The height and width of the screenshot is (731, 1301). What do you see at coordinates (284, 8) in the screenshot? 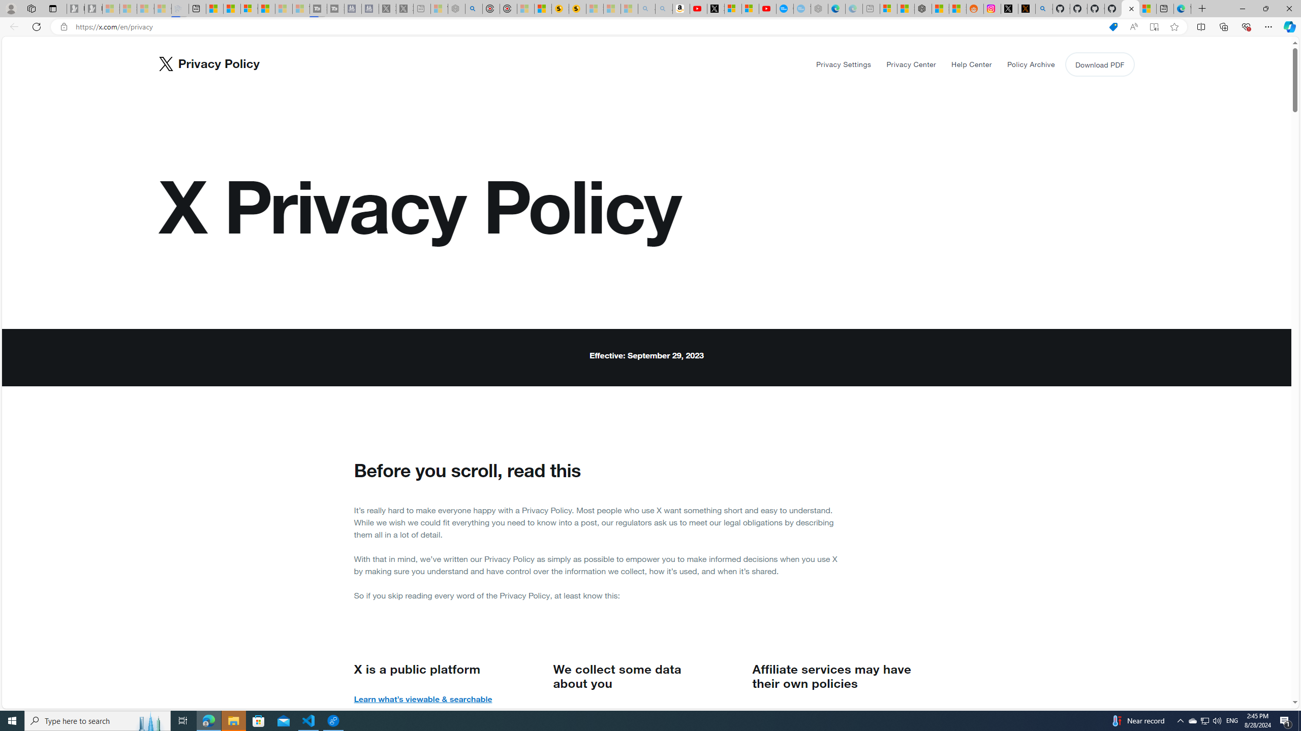
I see `'Microsoft Start - Sleeping'` at bounding box center [284, 8].